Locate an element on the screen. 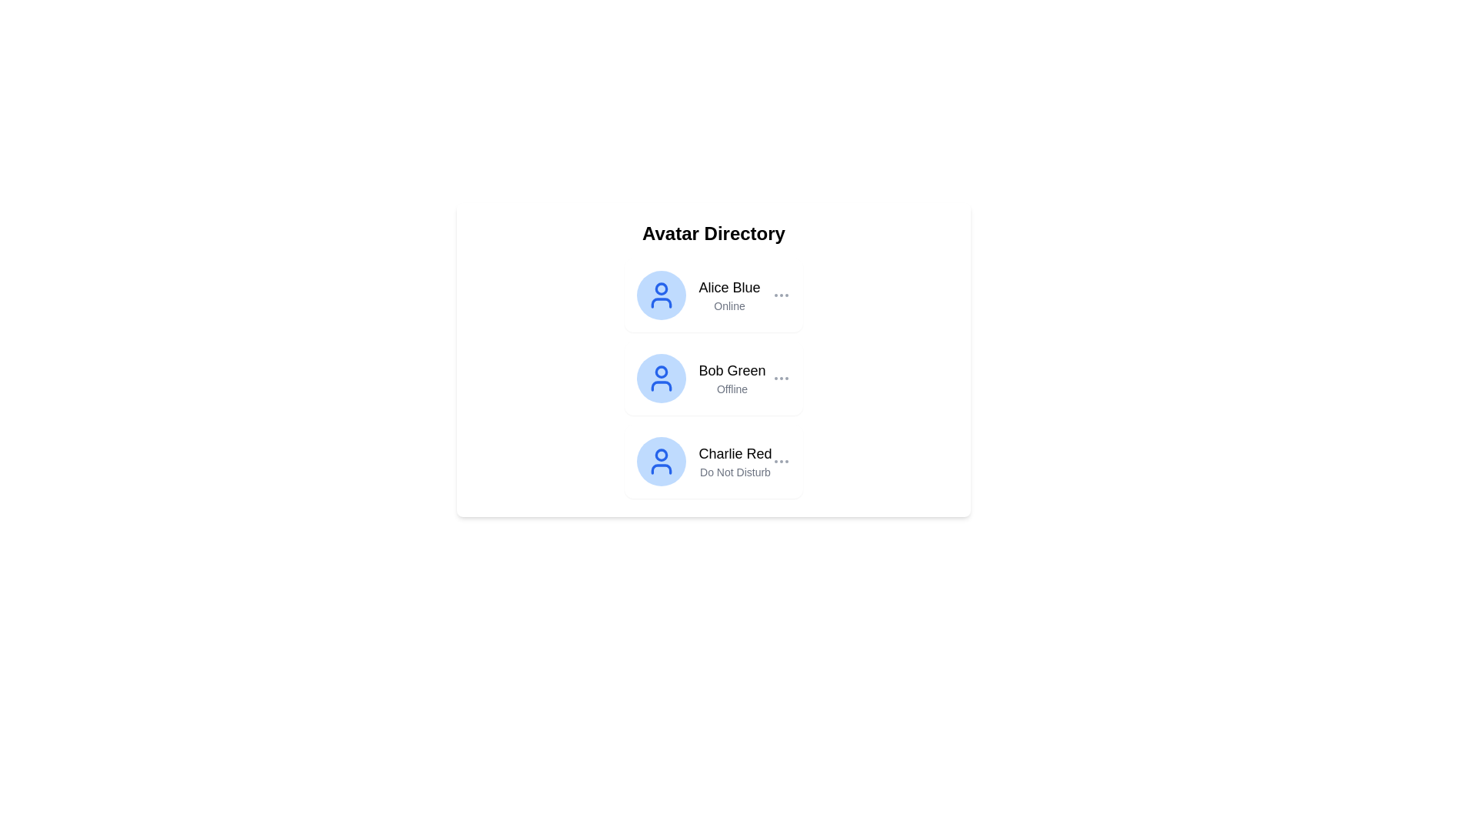 This screenshot has width=1477, height=831. the user avatar icon, which is circular in shape with a blue color, located in the Avatar Directory above the text 'Alice Blue' with the status 'Online' is located at coordinates (662, 295).